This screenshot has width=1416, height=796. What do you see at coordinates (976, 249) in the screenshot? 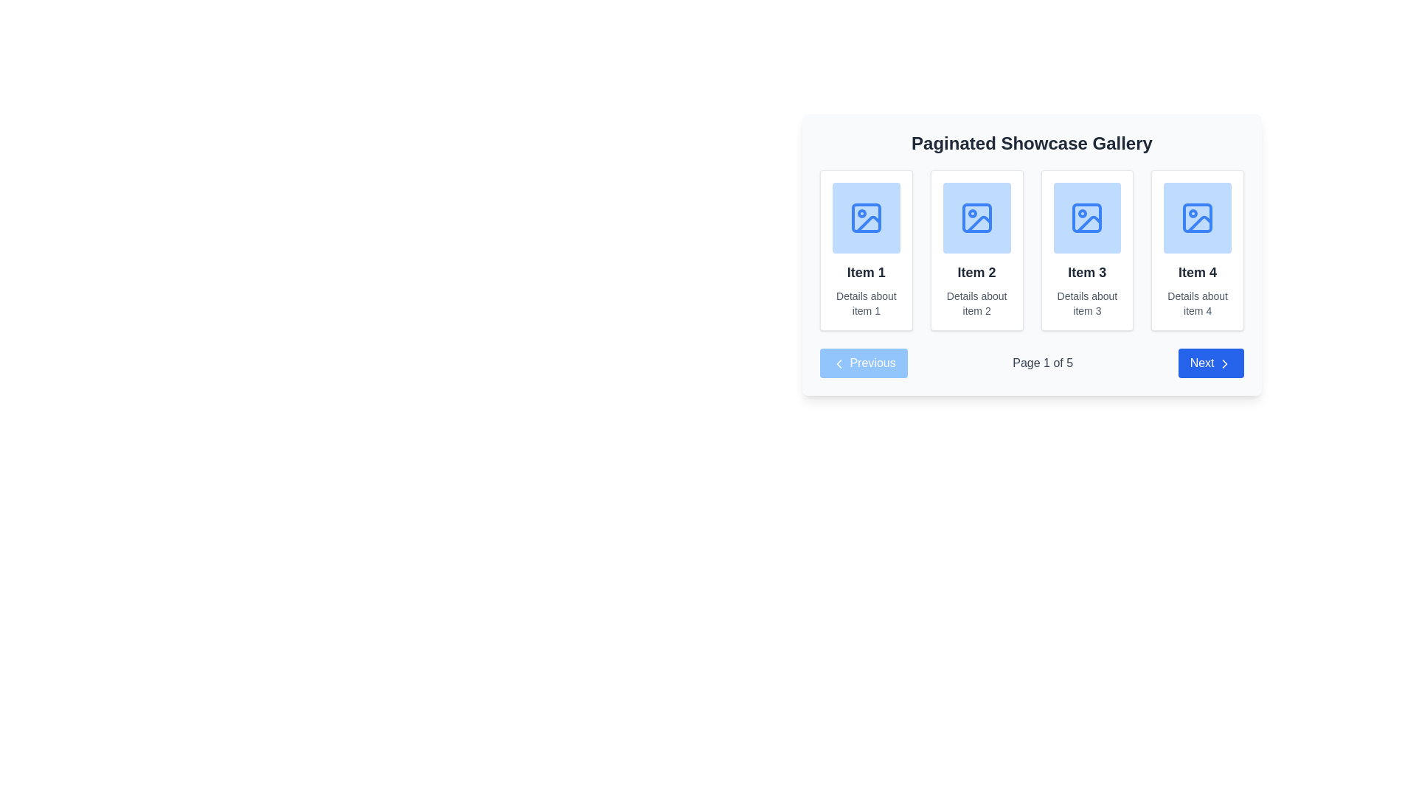
I see `to select the second card in the showcase displaying an item with a title, description, and icon, located between the cards titled 'Item 1' and 'Item 3'` at bounding box center [976, 249].